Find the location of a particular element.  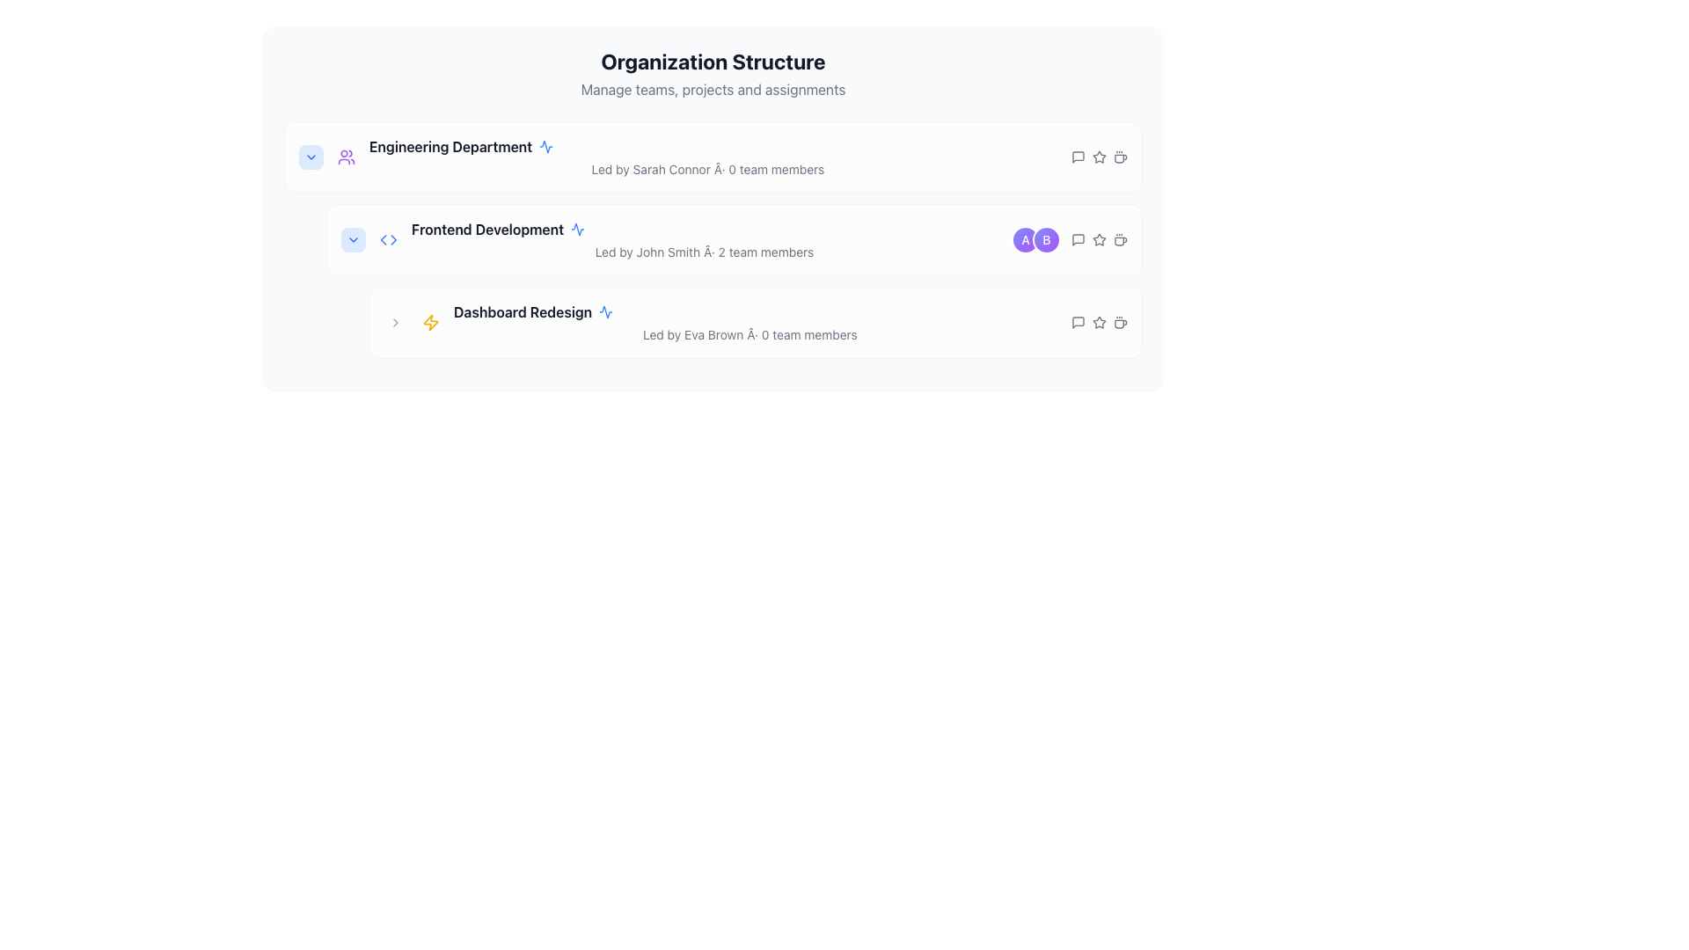

the Avatar group containing the overlapping circular avatars with characters 'A' and 'B' is located at coordinates (1035, 240).